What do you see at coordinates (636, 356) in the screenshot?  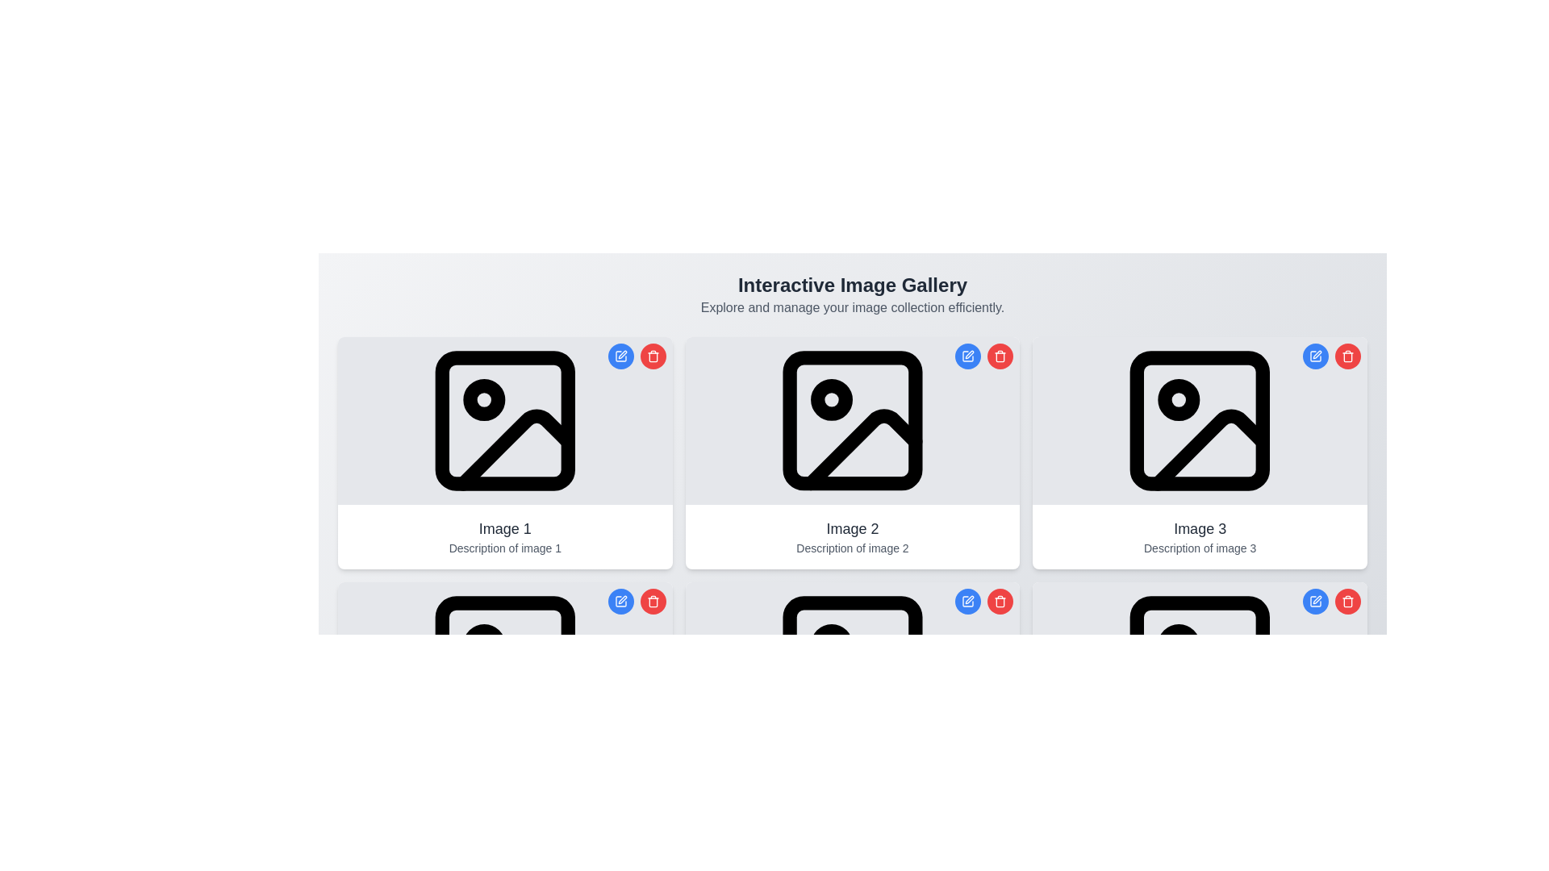 I see `the blue circular button with a pen icon located in the top-right corner of the first image card` at bounding box center [636, 356].